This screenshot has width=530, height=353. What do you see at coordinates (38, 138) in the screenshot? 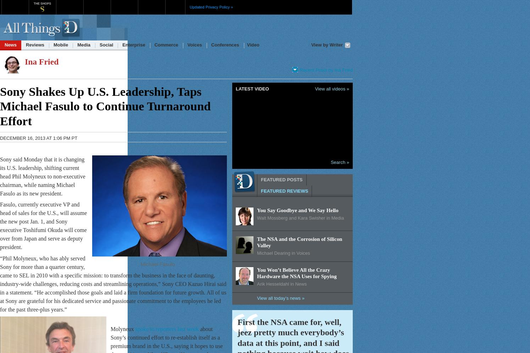
I see `'December 16, 2013 at 1:06 pm PT'` at bounding box center [38, 138].